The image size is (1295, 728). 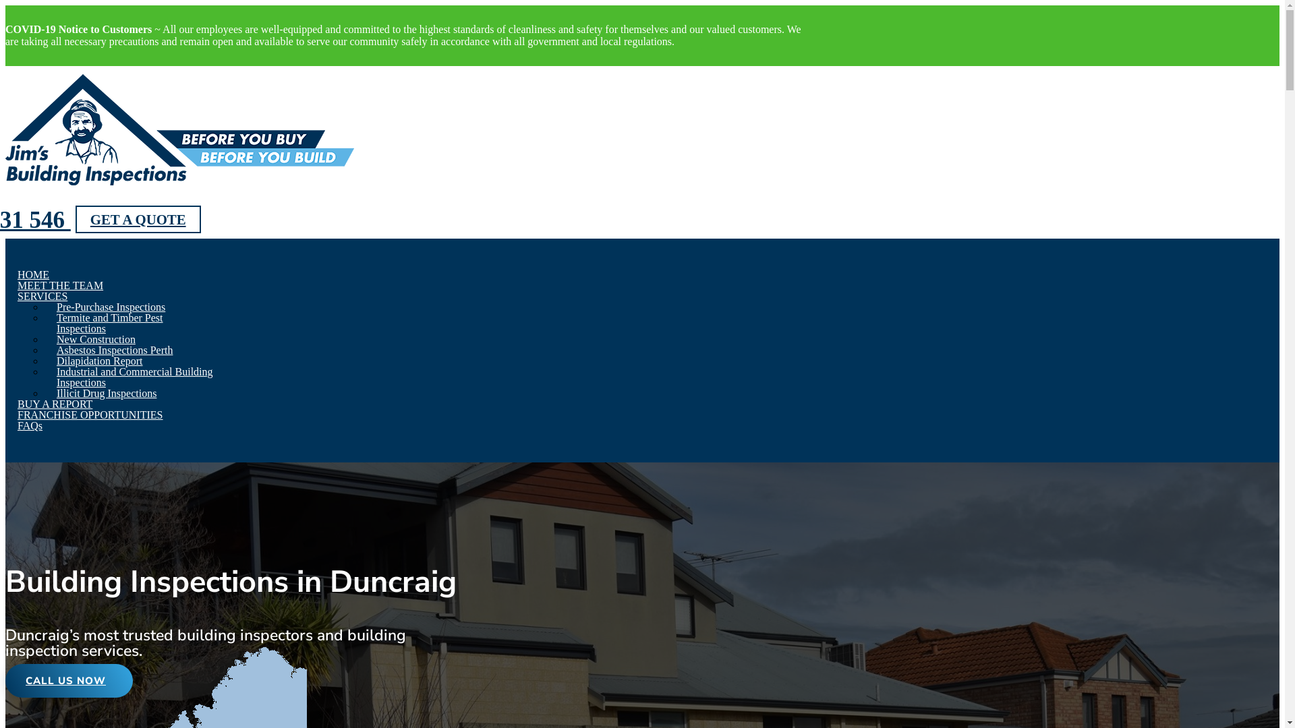 I want to click on 'CALL US NOW', so click(x=68, y=681).